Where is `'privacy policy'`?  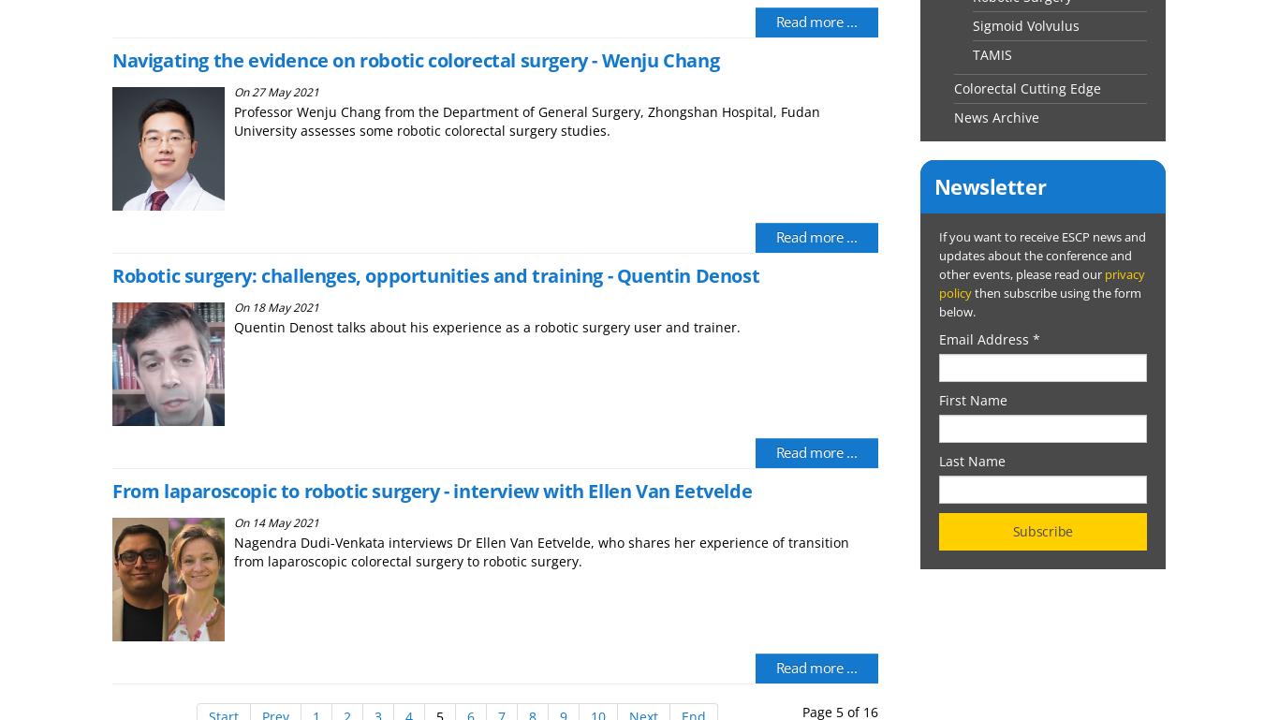 'privacy policy' is located at coordinates (1040, 282).